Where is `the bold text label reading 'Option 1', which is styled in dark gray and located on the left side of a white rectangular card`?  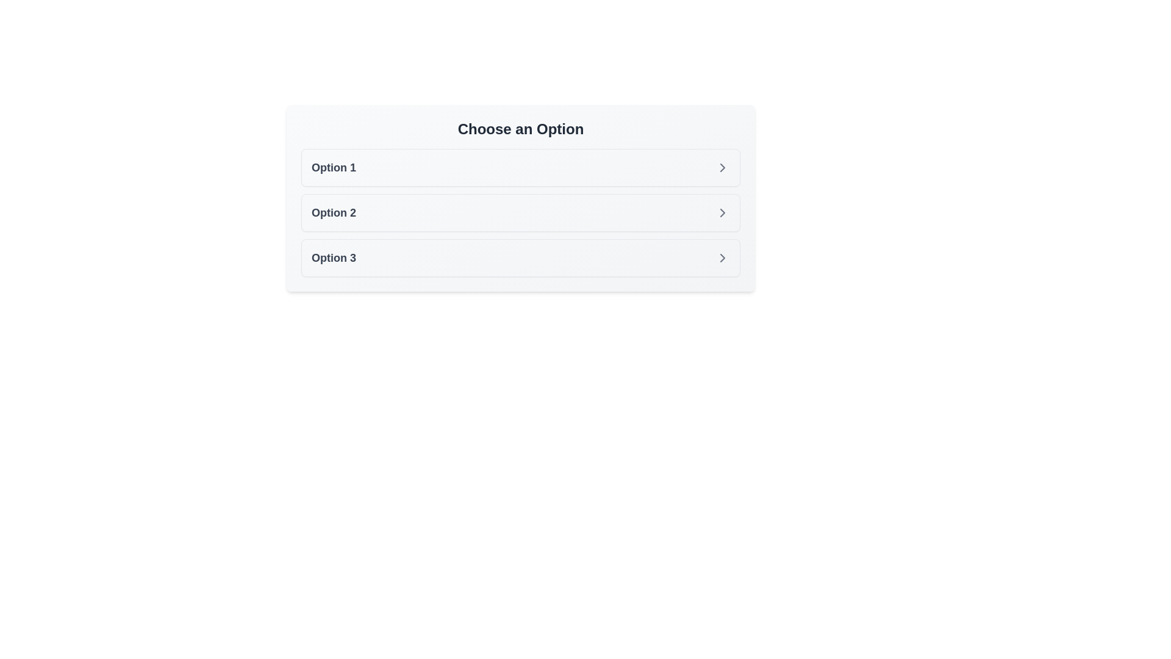 the bold text label reading 'Option 1', which is styled in dark gray and located on the left side of a white rectangular card is located at coordinates (334, 167).